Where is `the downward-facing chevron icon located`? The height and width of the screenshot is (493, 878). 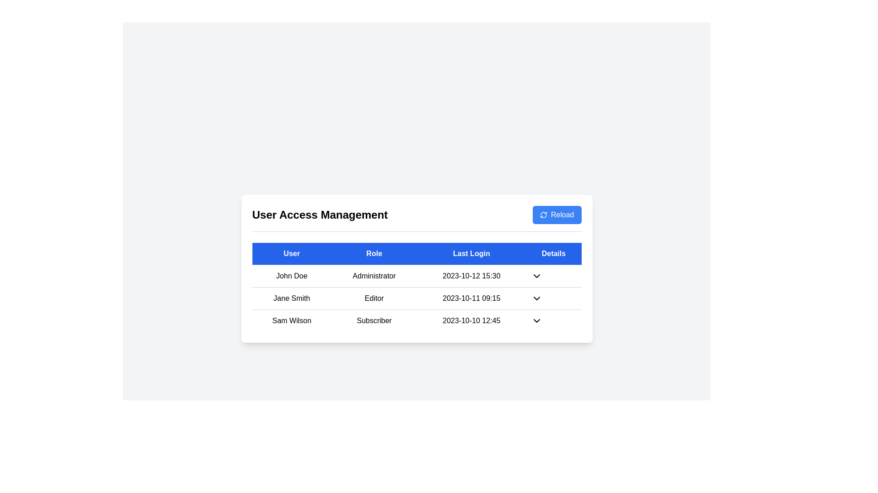
the downward-facing chevron icon located is located at coordinates (537, 299).